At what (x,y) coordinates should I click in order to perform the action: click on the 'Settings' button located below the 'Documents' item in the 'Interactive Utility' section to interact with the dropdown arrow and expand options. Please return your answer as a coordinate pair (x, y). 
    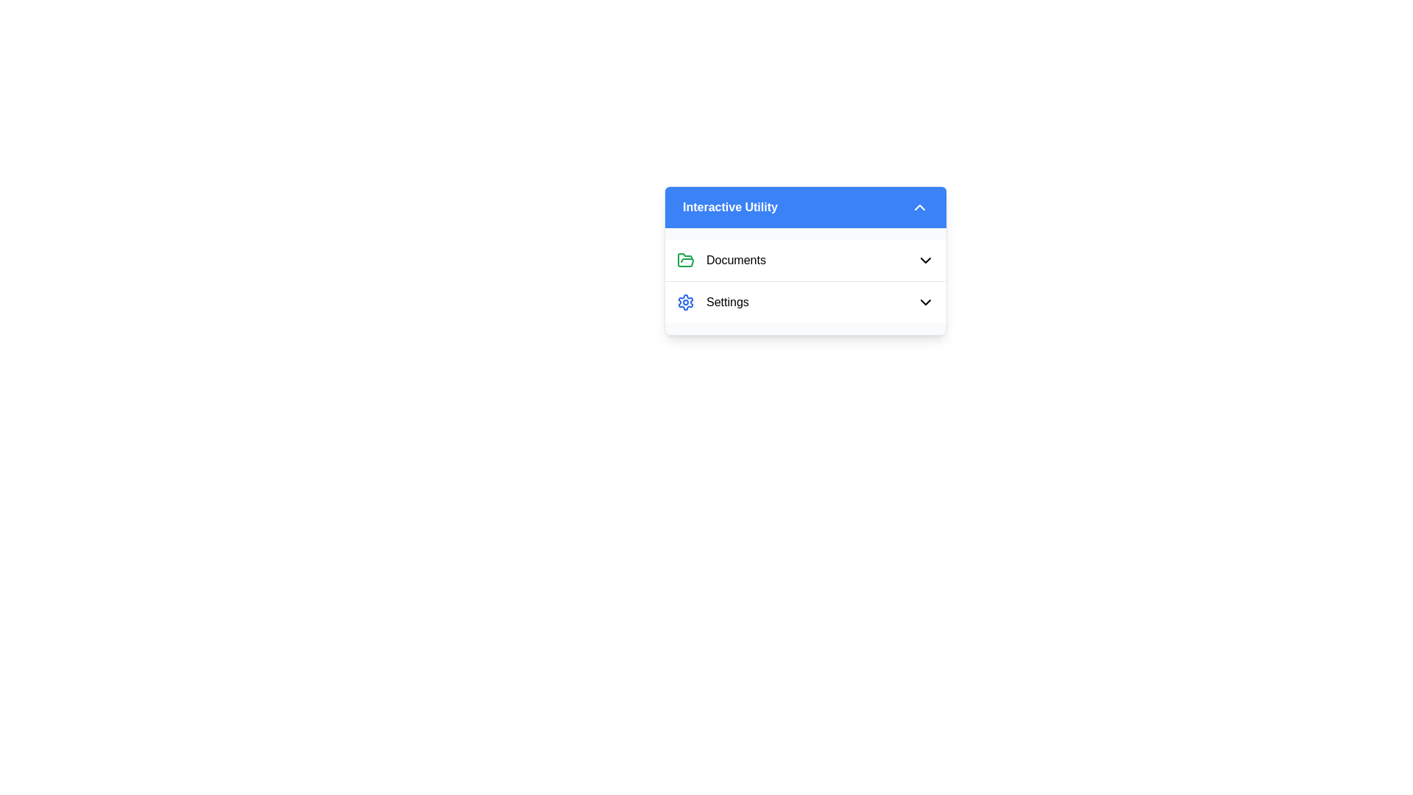
    Looking at the image, I should click on (804, 302).